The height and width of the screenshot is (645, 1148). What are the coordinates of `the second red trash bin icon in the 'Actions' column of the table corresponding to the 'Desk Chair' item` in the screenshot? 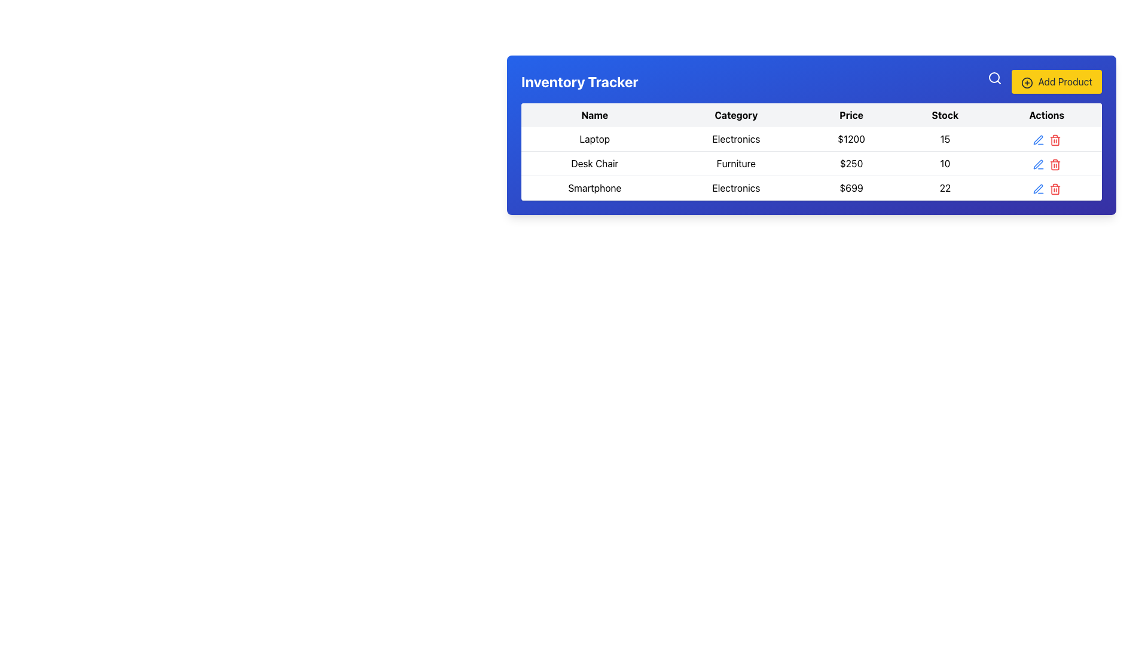 It's located at (1055, 163).